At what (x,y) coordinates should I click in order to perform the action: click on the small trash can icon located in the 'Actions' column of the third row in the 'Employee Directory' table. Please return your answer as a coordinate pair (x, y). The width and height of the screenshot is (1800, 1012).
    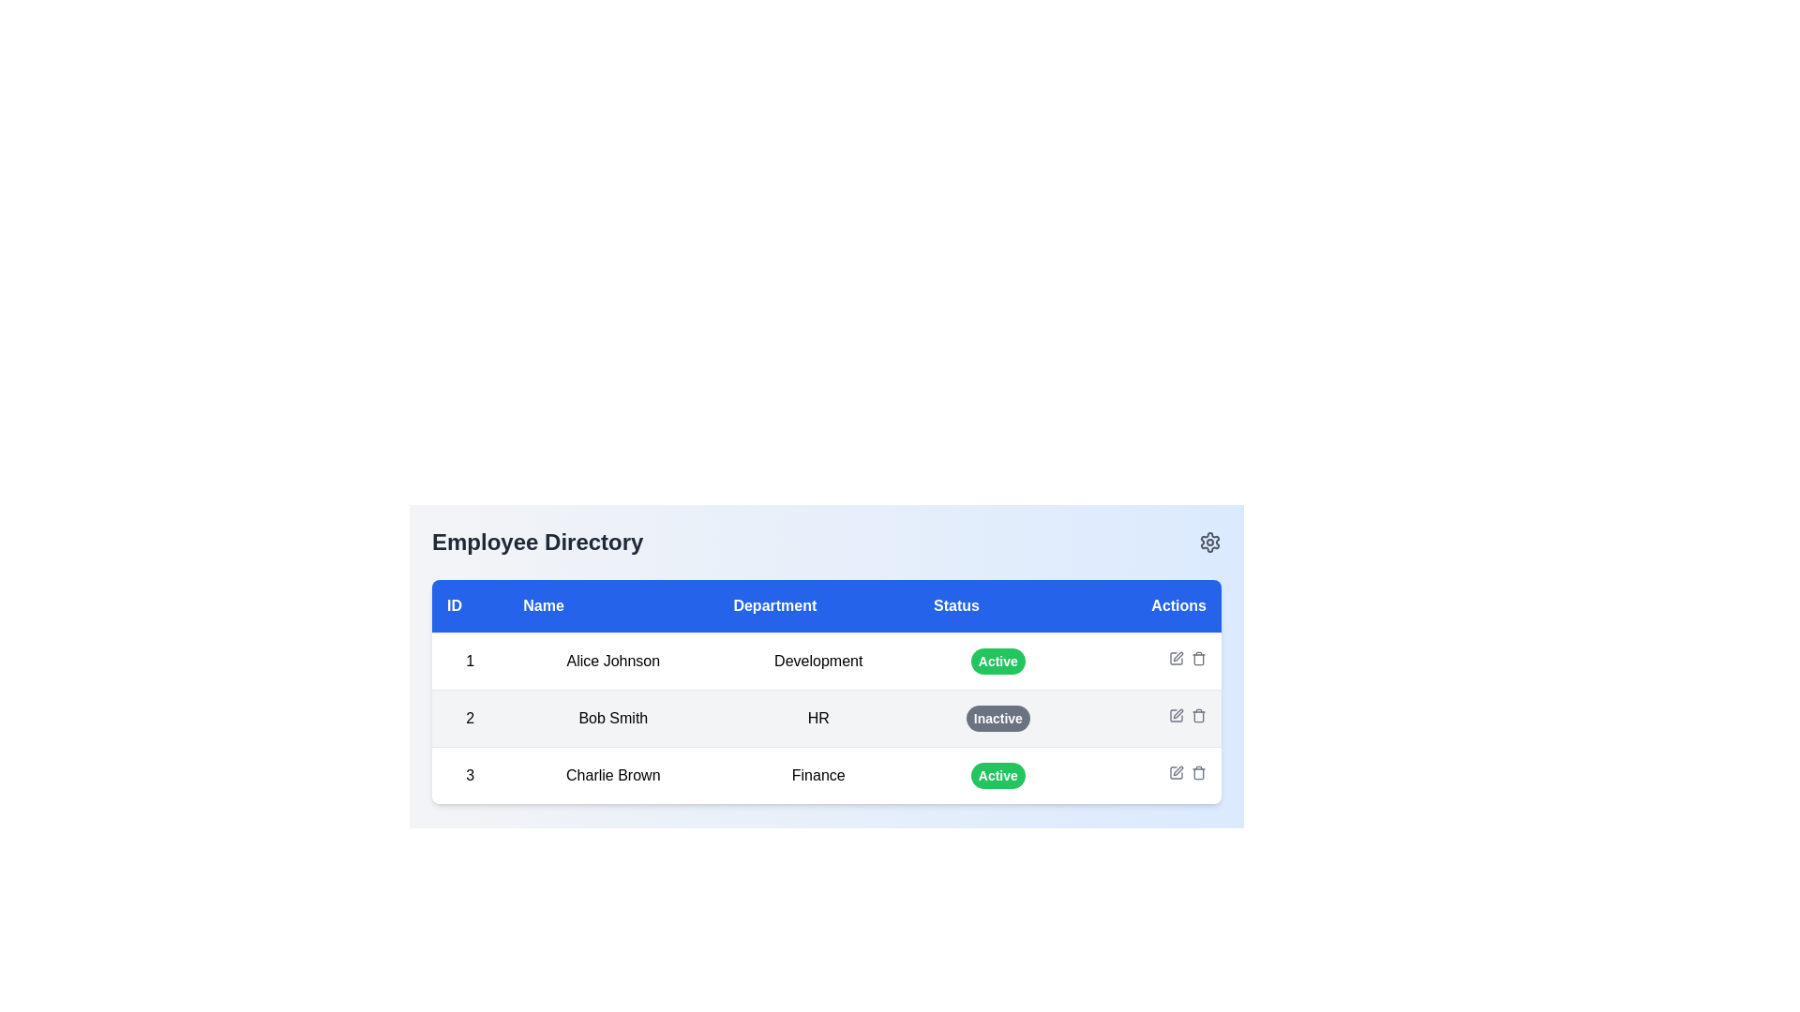
    Looking at the image, I should click on (1197, 773).